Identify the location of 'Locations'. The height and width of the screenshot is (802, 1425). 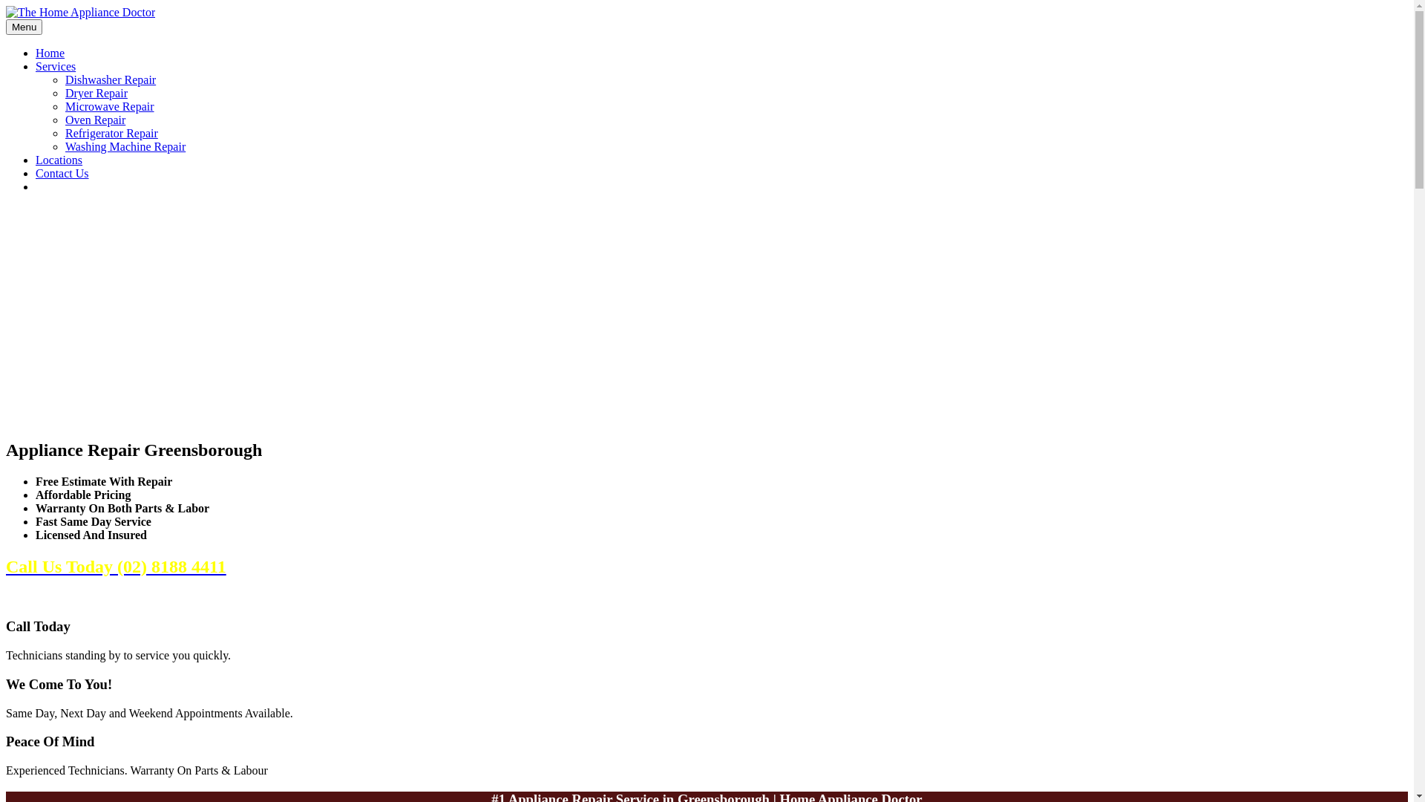
(59, 160).